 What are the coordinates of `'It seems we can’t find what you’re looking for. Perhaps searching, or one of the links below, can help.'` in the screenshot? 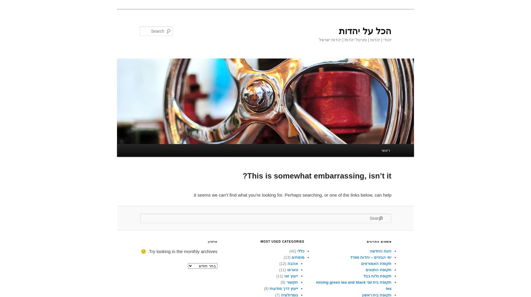 It's located at (292, 195).